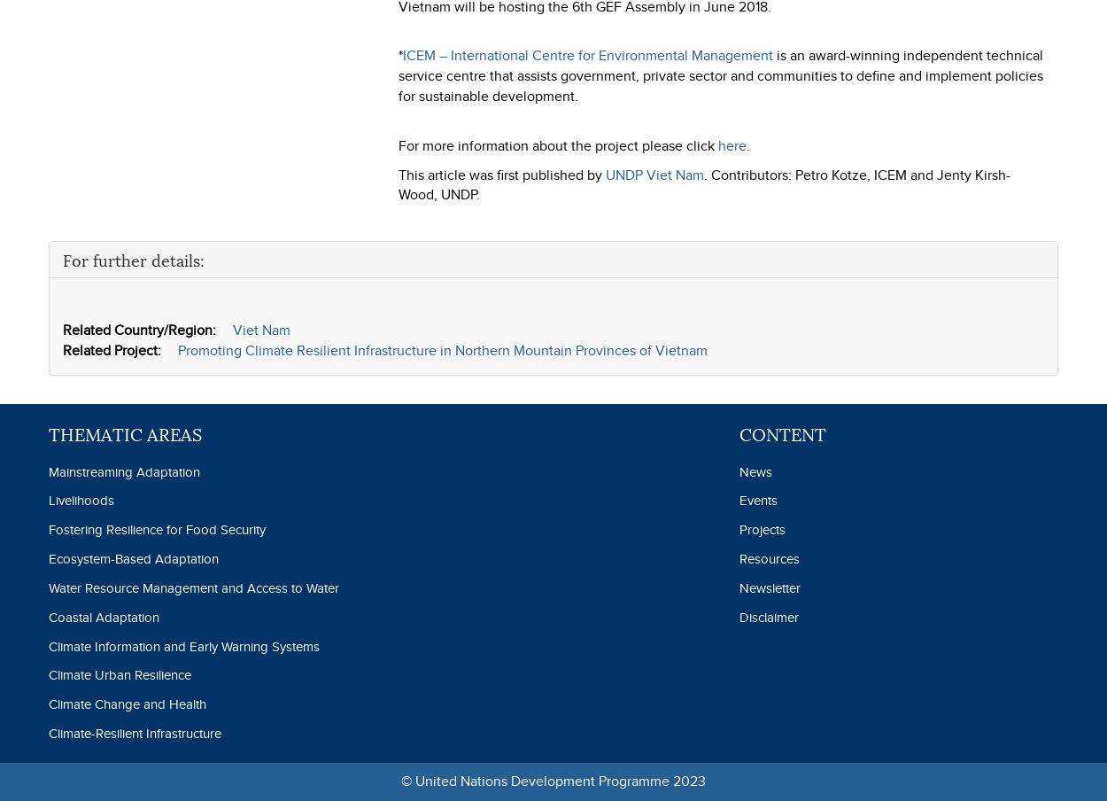 The image size is (1107, 801). I want to click on 'is an award-winning independent technical service centre that assists government, private sector and communities to define and implement policies for sustainable development.', so click(720, 75).